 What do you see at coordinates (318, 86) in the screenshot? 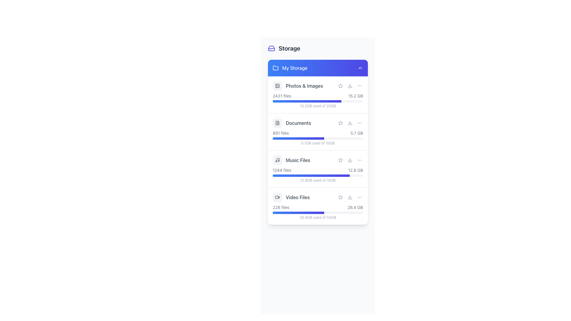
I see `the 'Photos & Images' category title with icon, which is styled in medium-weight gray font and features an icon of a square with a mountain and sun, located at the topmost row of categories under 'My Storage'` at bounding box center [318, 86].